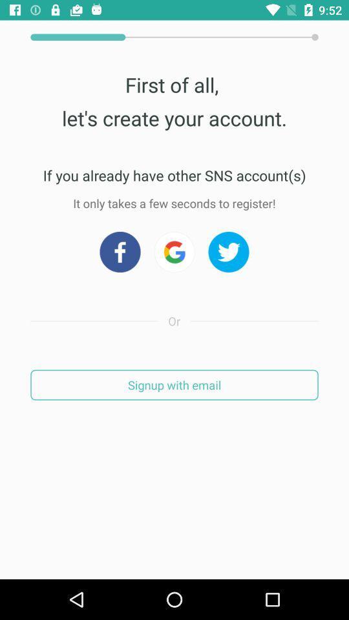 This screenshot has width=349, height=620. Describe the element at coordinates (228, 251) in the screenshot. I see `share via twitter` at that location.